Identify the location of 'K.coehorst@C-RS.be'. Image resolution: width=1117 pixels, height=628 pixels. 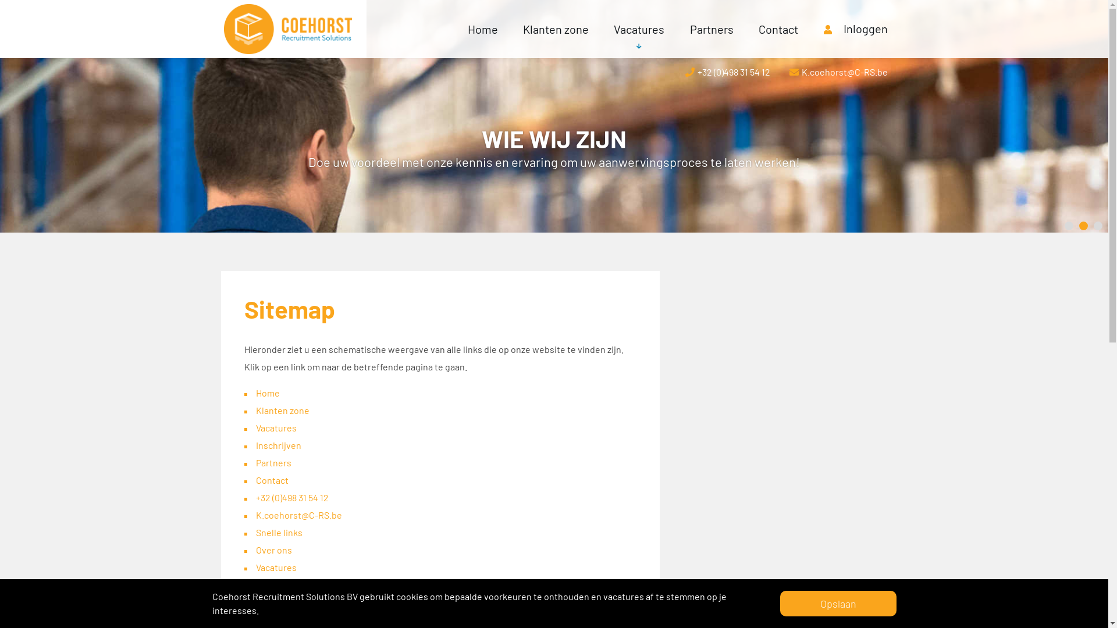
(298, 514).